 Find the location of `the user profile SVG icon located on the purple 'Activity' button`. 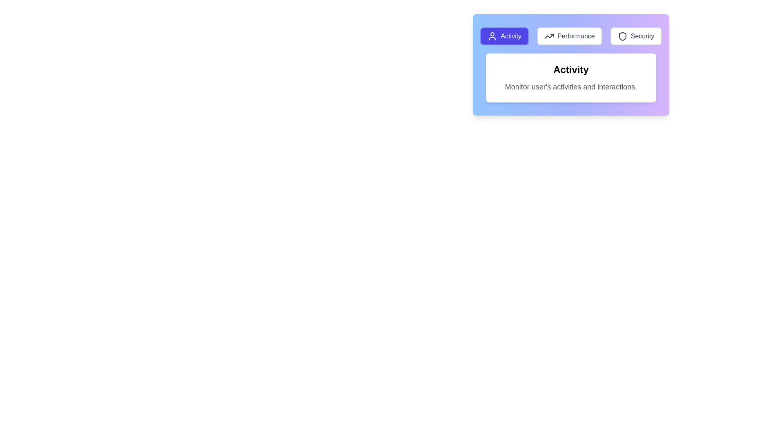

the user profile SVG icon located on the purple 'Activity' button is located at coordinates (492, 36).